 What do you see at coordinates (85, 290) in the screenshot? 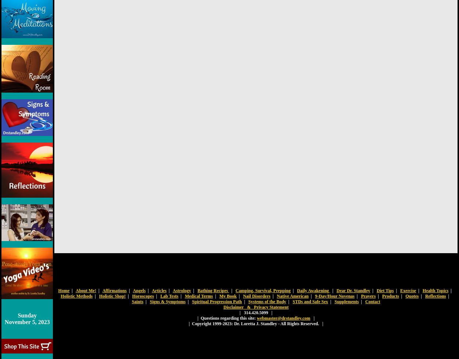
I see `'About Me!'` at bounding box center [85, 290].